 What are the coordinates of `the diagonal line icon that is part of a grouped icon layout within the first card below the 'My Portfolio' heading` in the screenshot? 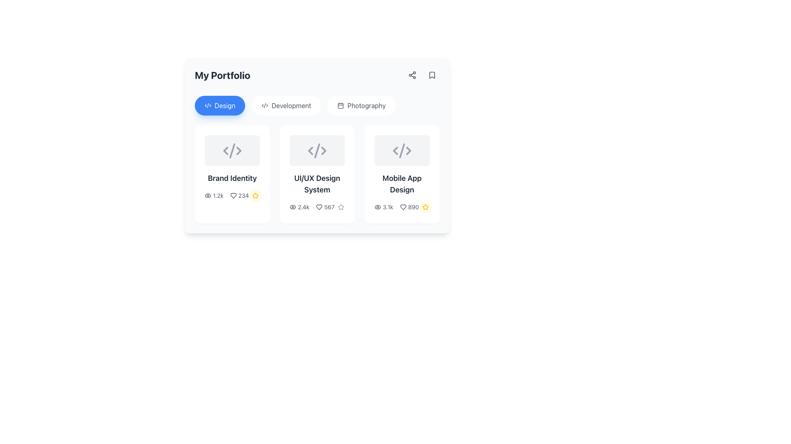 It's located at (232, 150).